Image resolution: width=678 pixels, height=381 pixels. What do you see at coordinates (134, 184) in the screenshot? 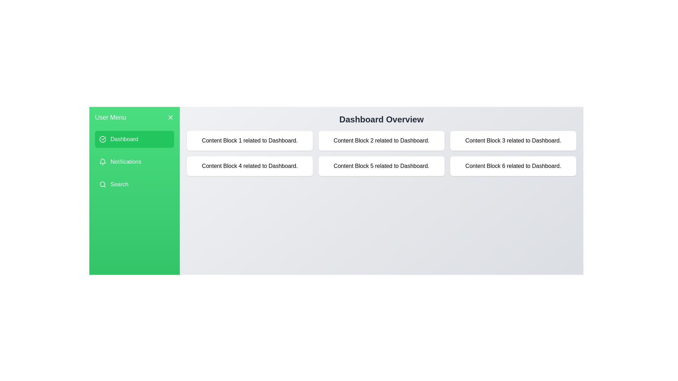
I see `the menu item Search to view its related content` at bounding box center [134, 184].